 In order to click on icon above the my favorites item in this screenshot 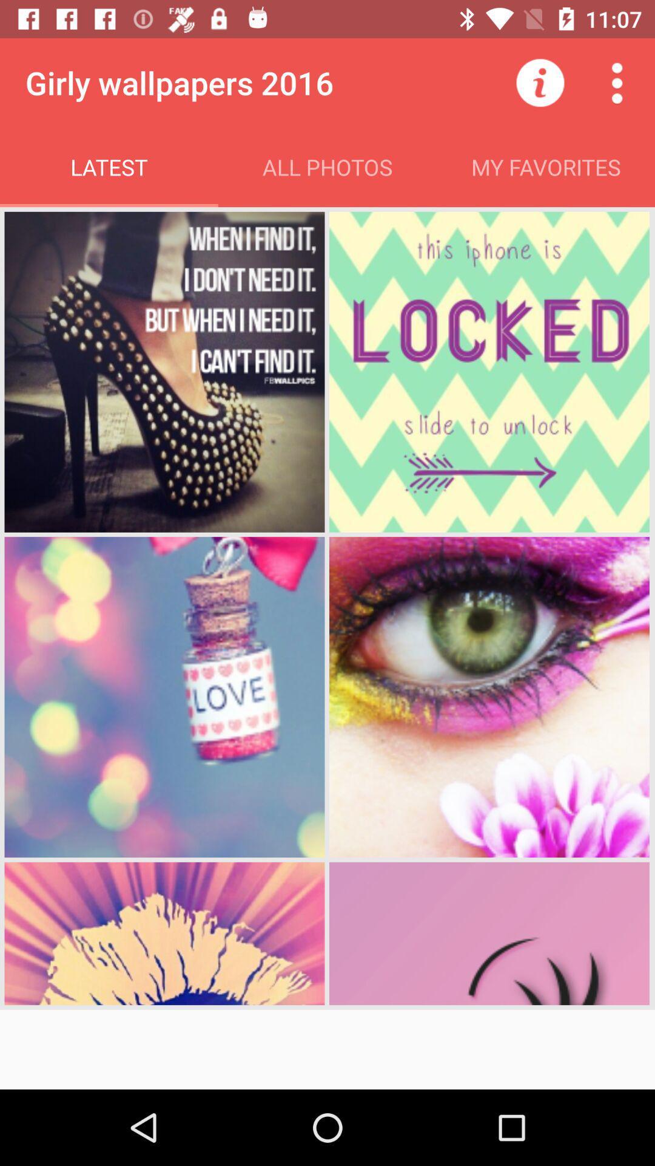, I will do `click(540, 82)`.